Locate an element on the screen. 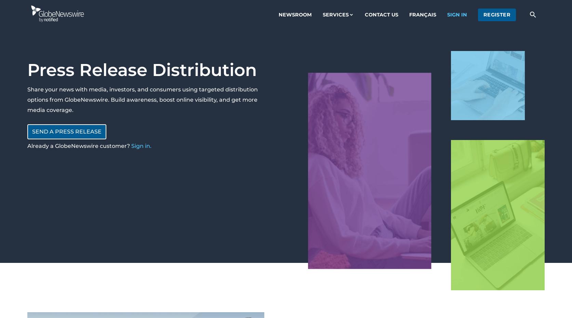 The image size is (572, 318). 'register' is located at coordinates (497, 14).